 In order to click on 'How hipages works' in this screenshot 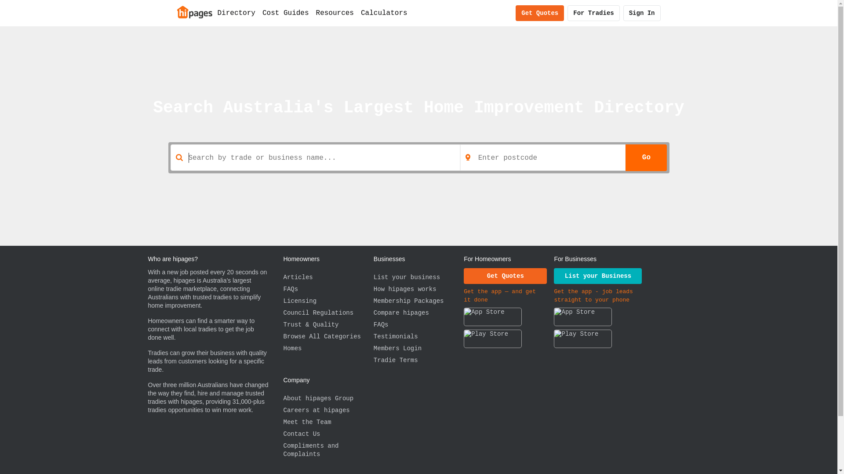, I will do `click(373, 289)`.